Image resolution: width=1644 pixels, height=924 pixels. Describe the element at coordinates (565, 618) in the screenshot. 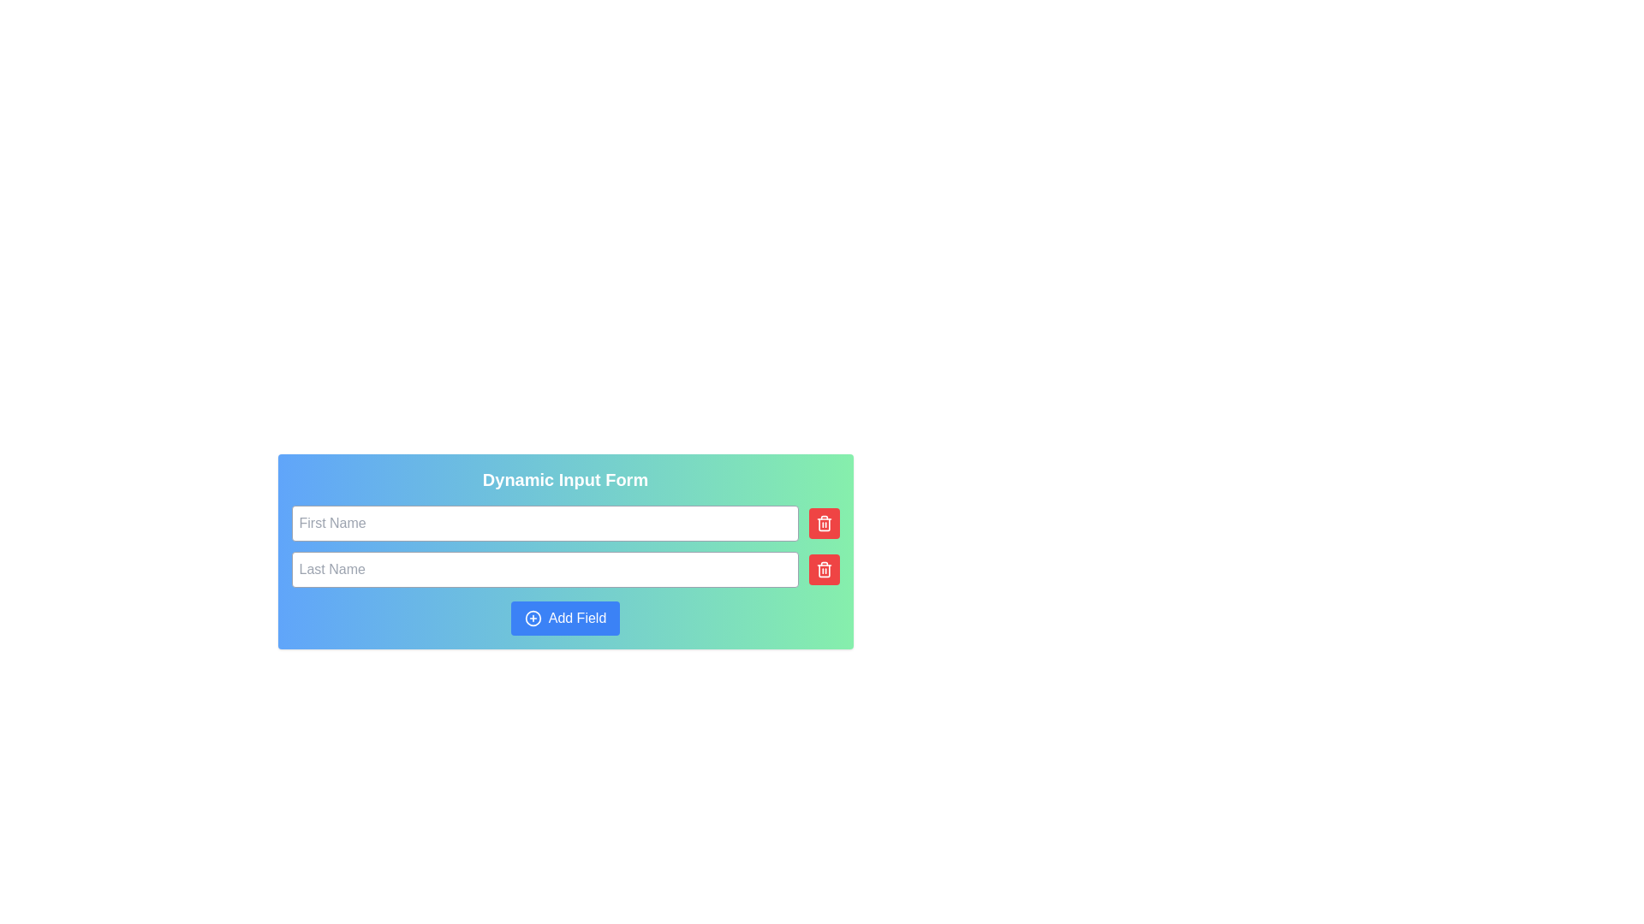

I see `the 'Add Field' button, which is a rectangular button with rounded corners, blue background, and white text, located at the bottom of the form card` at that location.